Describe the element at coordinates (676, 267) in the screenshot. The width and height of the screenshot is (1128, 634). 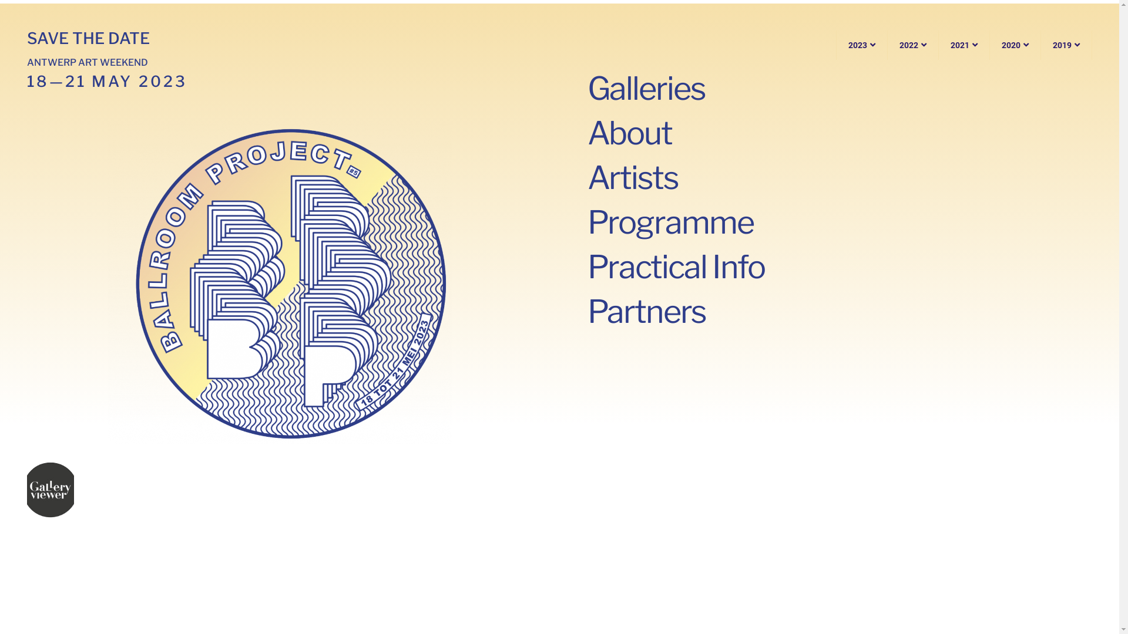
I see `'Practical Info'` at that location.